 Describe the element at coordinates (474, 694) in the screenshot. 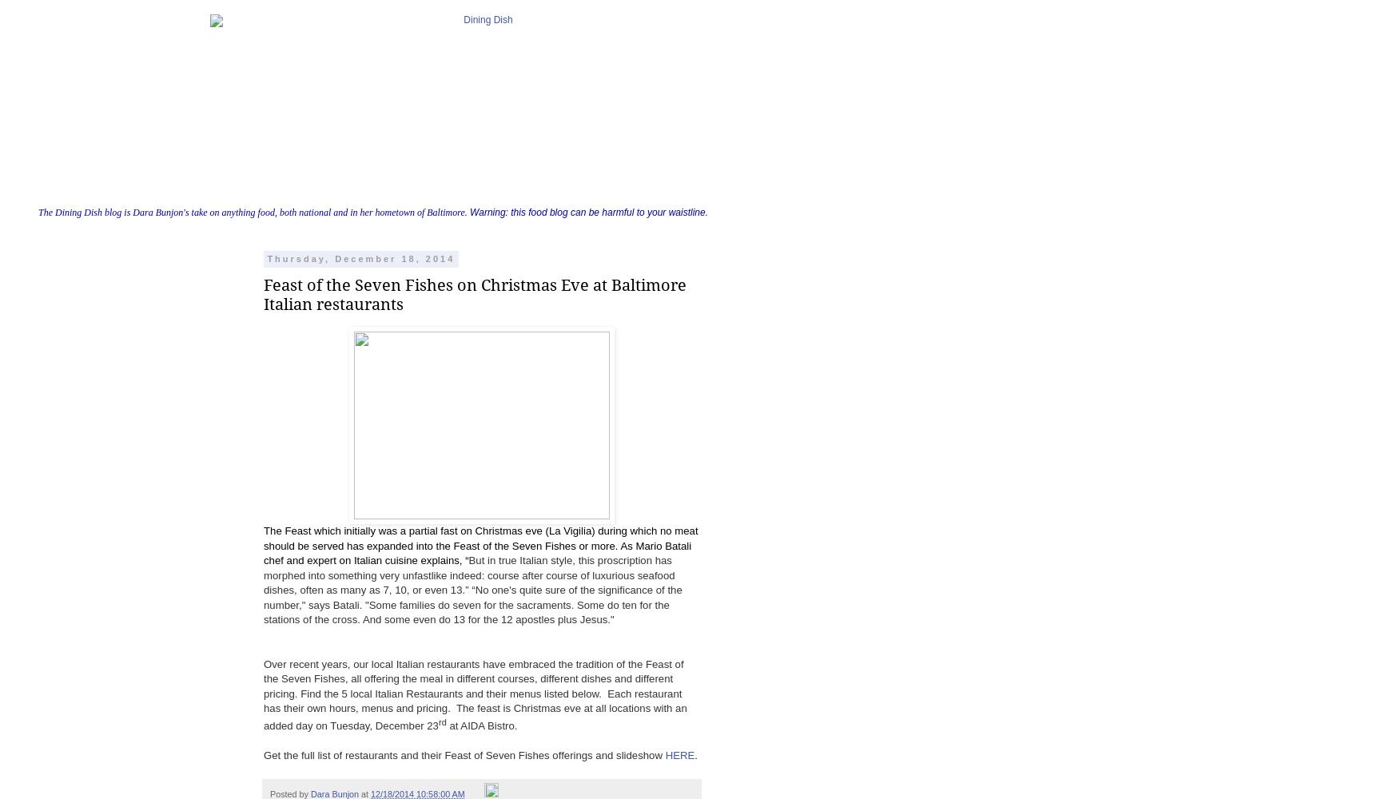

I see `'Over recent
years, our local Italian restaurants have embraced the tradition of the Feast
of the Seven Fishes, all offering the meal in different courses, different
dishes and different pricing. Find the 5 local Italian Restaurants and their
menus listed below.  Each restaurant has
their own hours, menus and pricing.  The
feast is Christmas eve at all locations with an added day on Tuesday, December
23'` at that location.